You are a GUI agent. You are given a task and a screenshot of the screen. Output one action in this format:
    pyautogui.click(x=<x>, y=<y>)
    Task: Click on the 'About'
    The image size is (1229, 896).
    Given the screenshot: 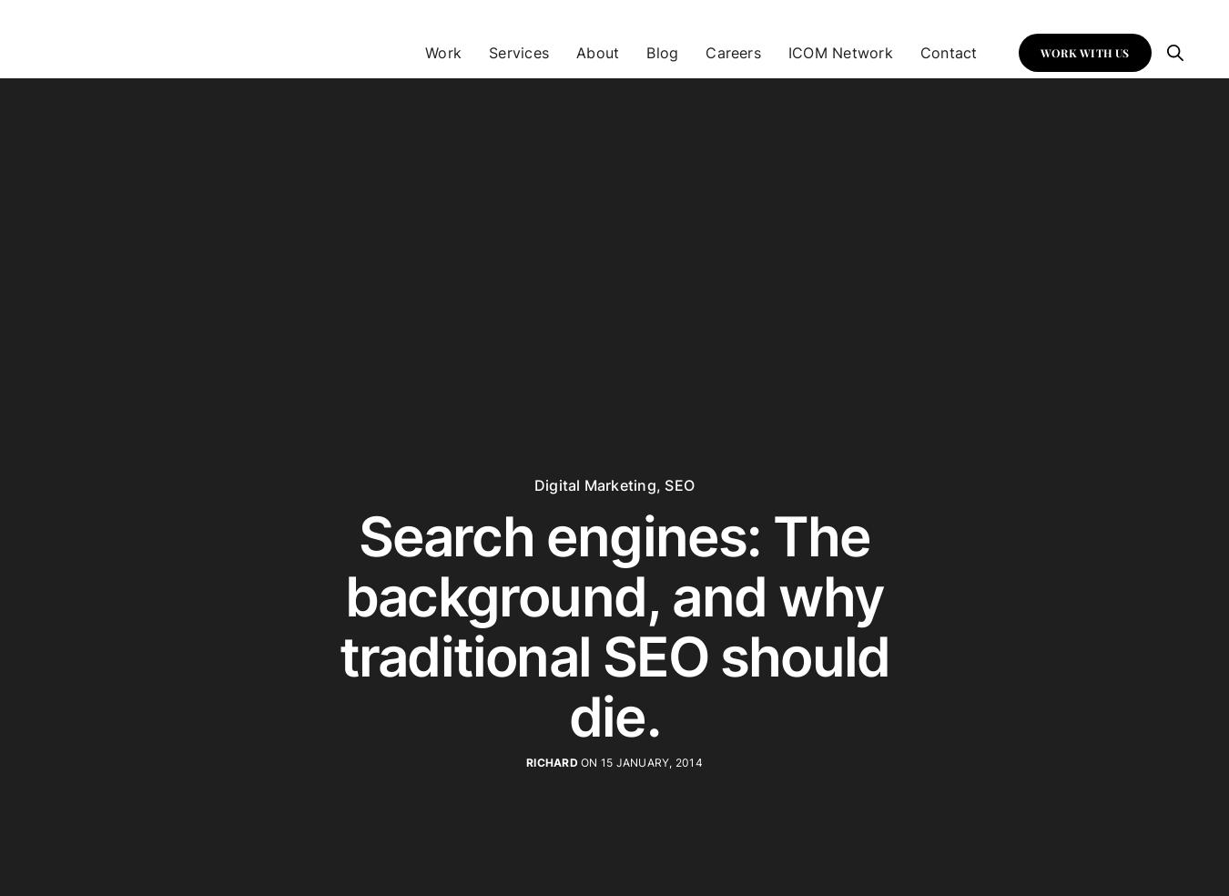 What is the action you would take?
    pyautogui.click(x=597, y=51)
    